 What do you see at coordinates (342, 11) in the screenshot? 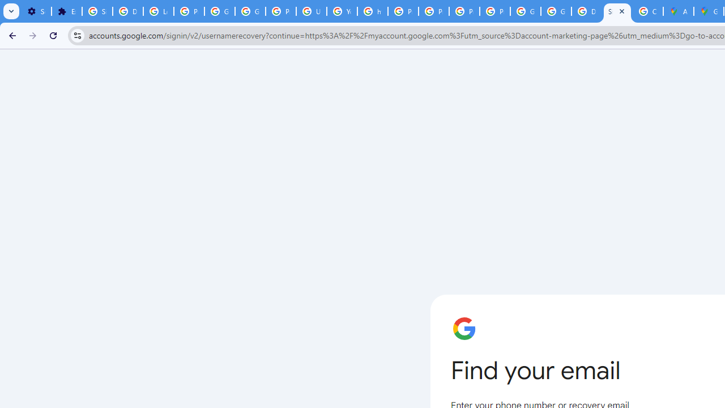
I see `'YouTube'` at bounding box center [342, 11].